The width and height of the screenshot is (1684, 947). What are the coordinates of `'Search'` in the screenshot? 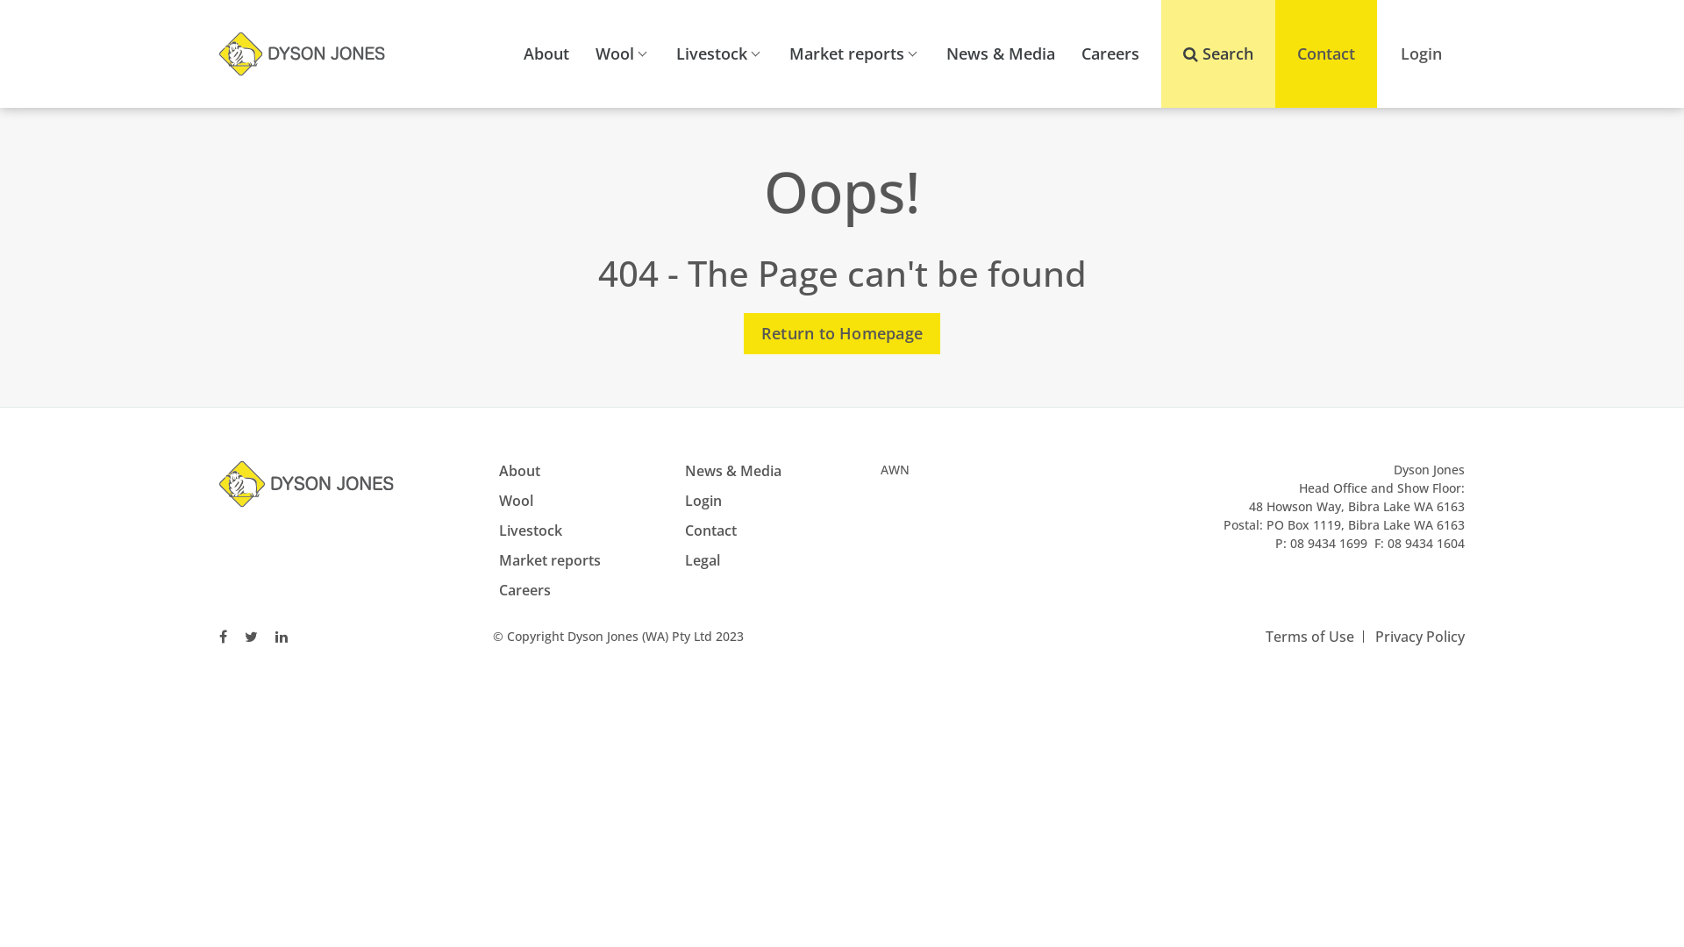 It's located at (1217, 53).